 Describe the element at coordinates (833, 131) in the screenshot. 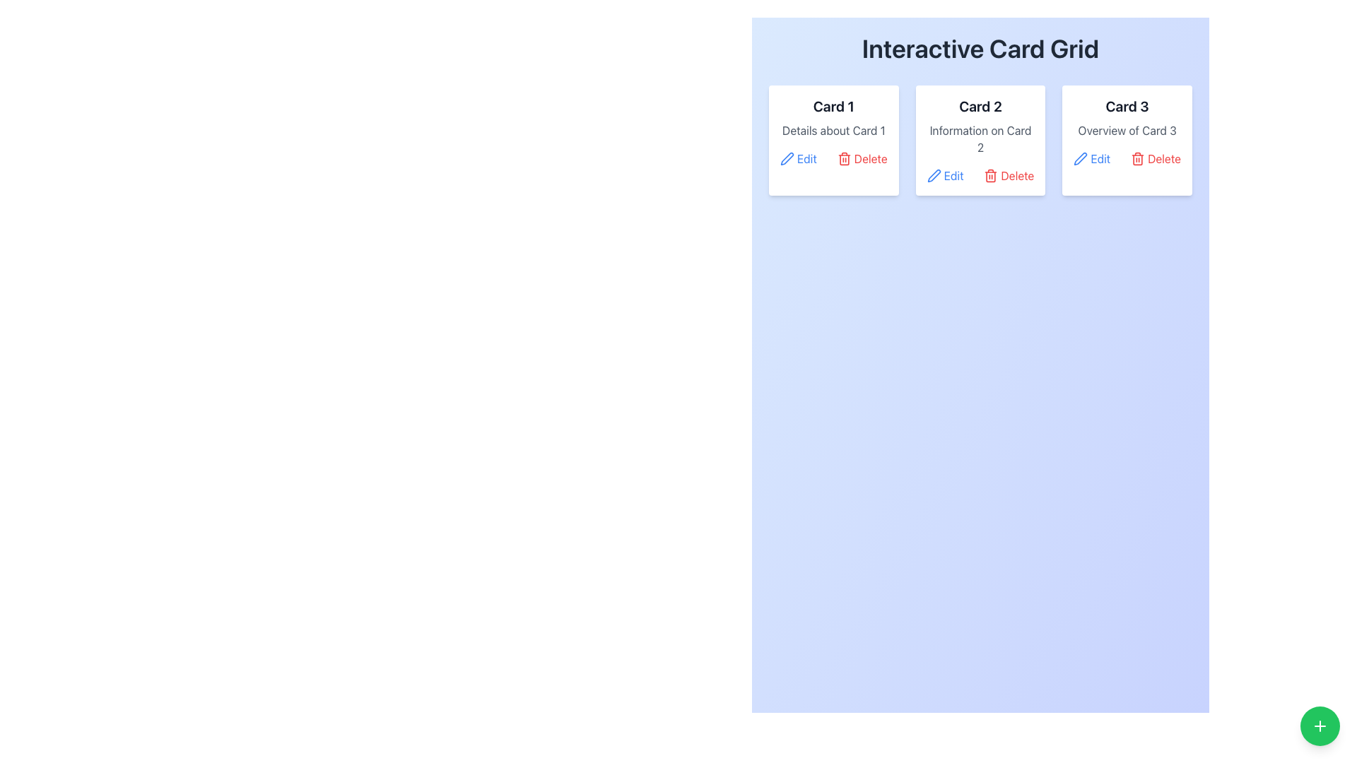

I see `the text label displaying 'Details about Card 1', which is styled in muted gray and positioned below the main title of 'Card 1'` at that location.